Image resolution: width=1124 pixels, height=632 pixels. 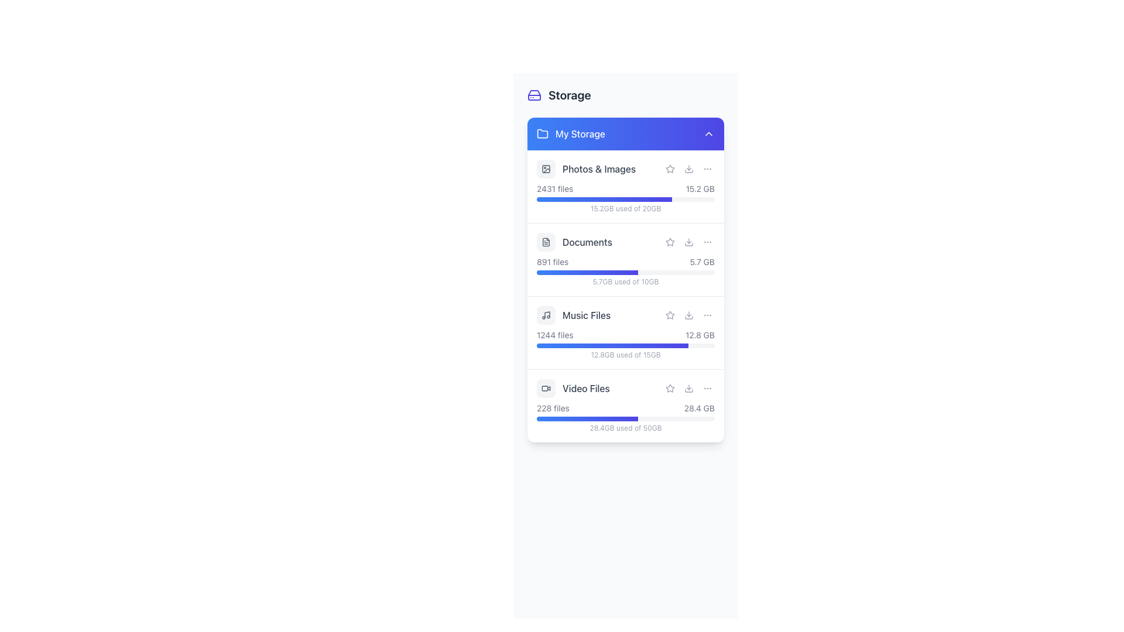 I want to click on the download button for 'Documents' located in the 'My Storage' section to initiate the download action, so click(x=688, y=241).